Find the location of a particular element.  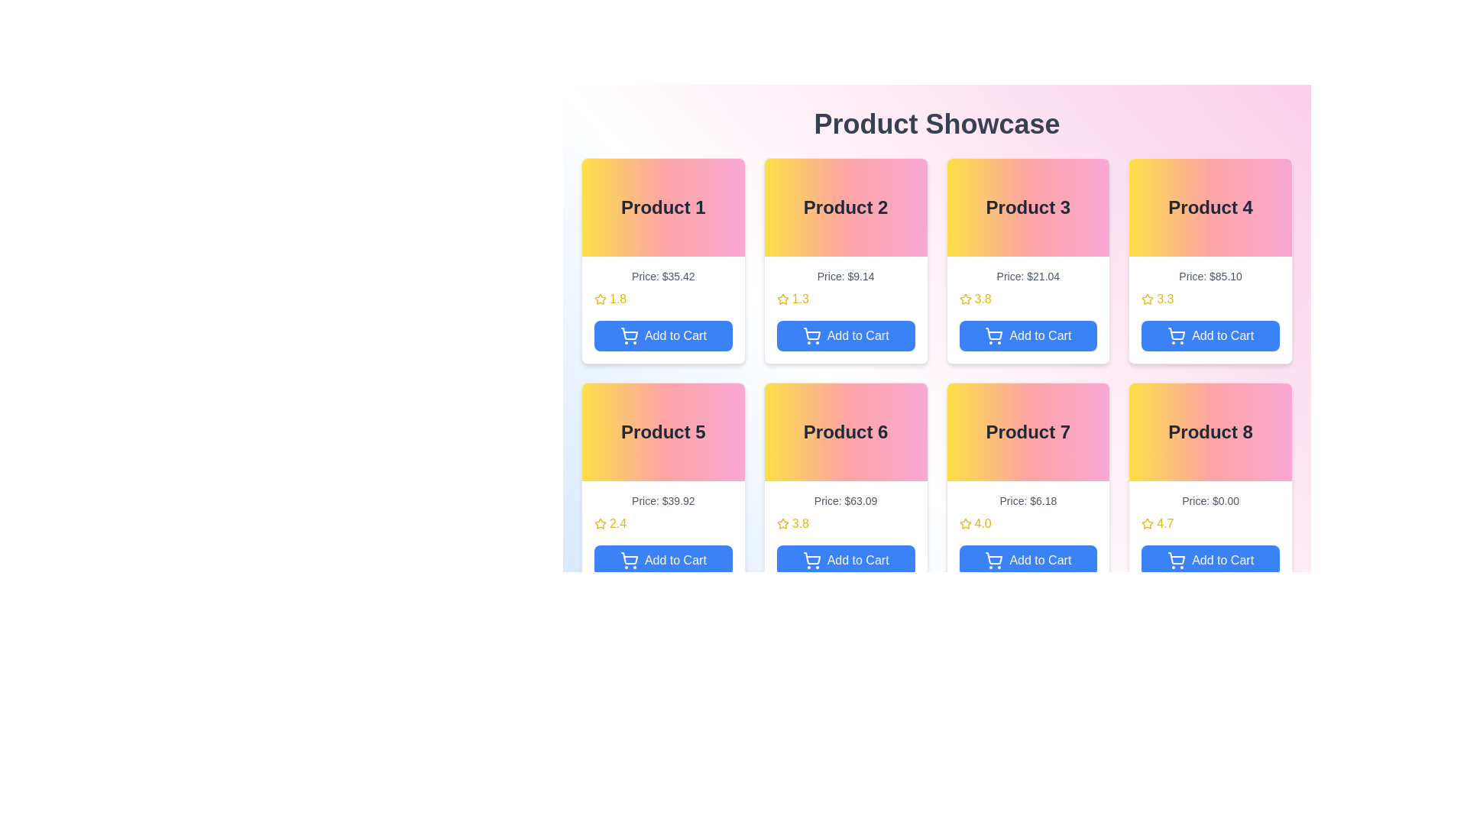

the first star-shaped icon with a yellow outline next to the numeric rating (1.8) in the product card for 'Product 1' is located at coordinates (600, 299).